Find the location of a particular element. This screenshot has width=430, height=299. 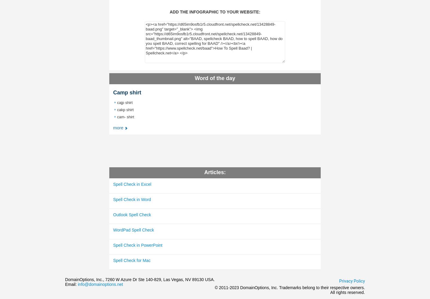

'cajp shirt' is located at coordinates (125, 102).